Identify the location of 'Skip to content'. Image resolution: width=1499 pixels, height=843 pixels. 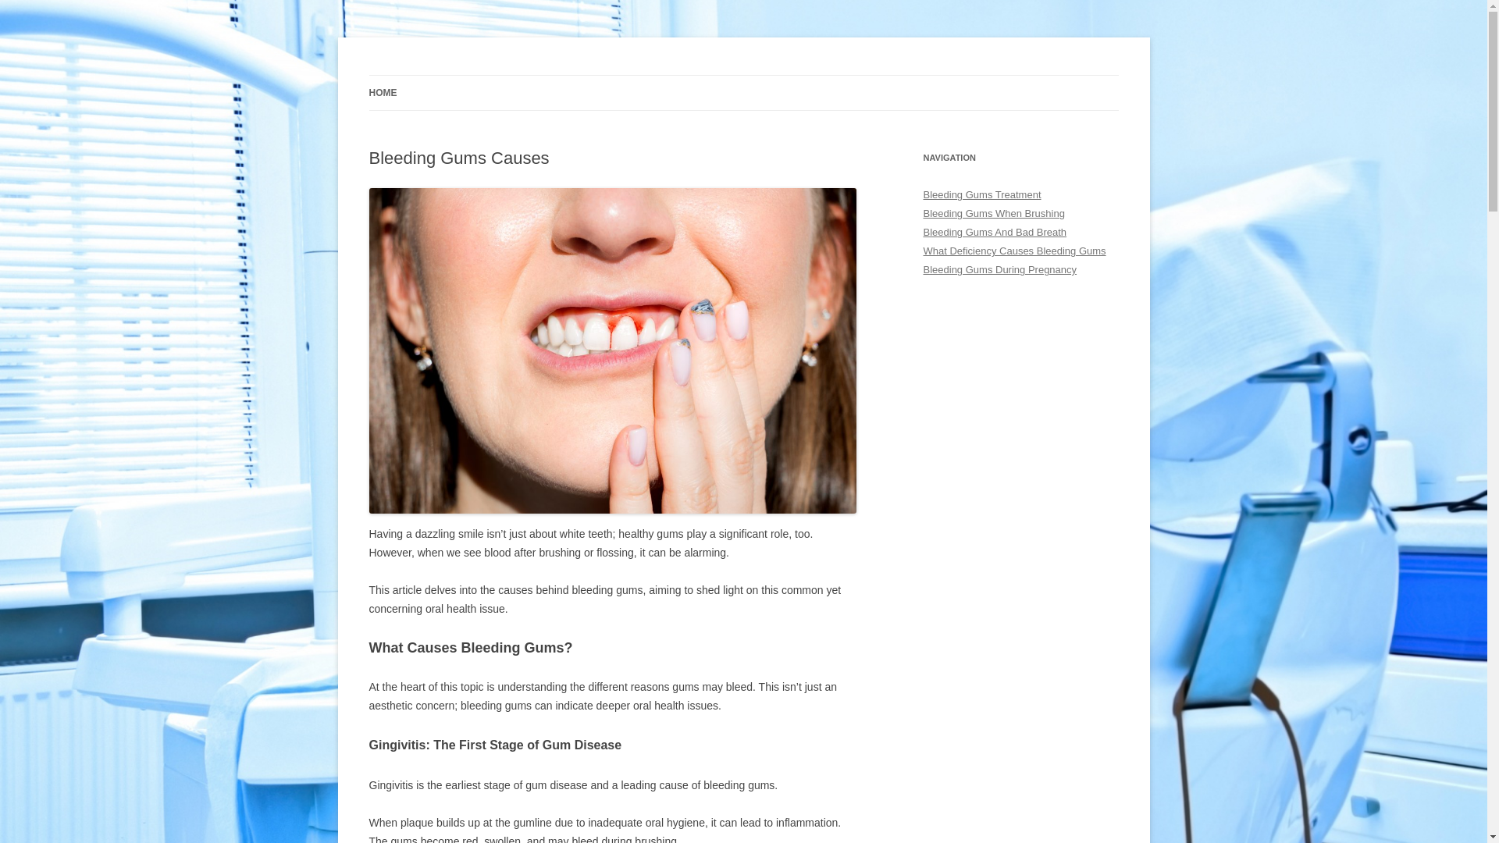
(742, 75).